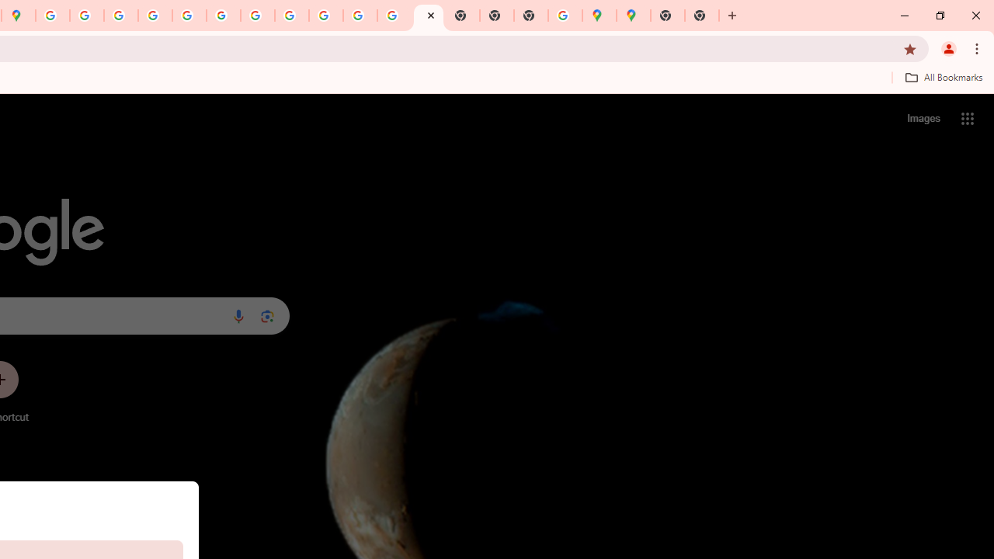 This screenshot has width=994, height=559. I want to click on 'Privacy Help Center - Policies Help', so click(120, 16).